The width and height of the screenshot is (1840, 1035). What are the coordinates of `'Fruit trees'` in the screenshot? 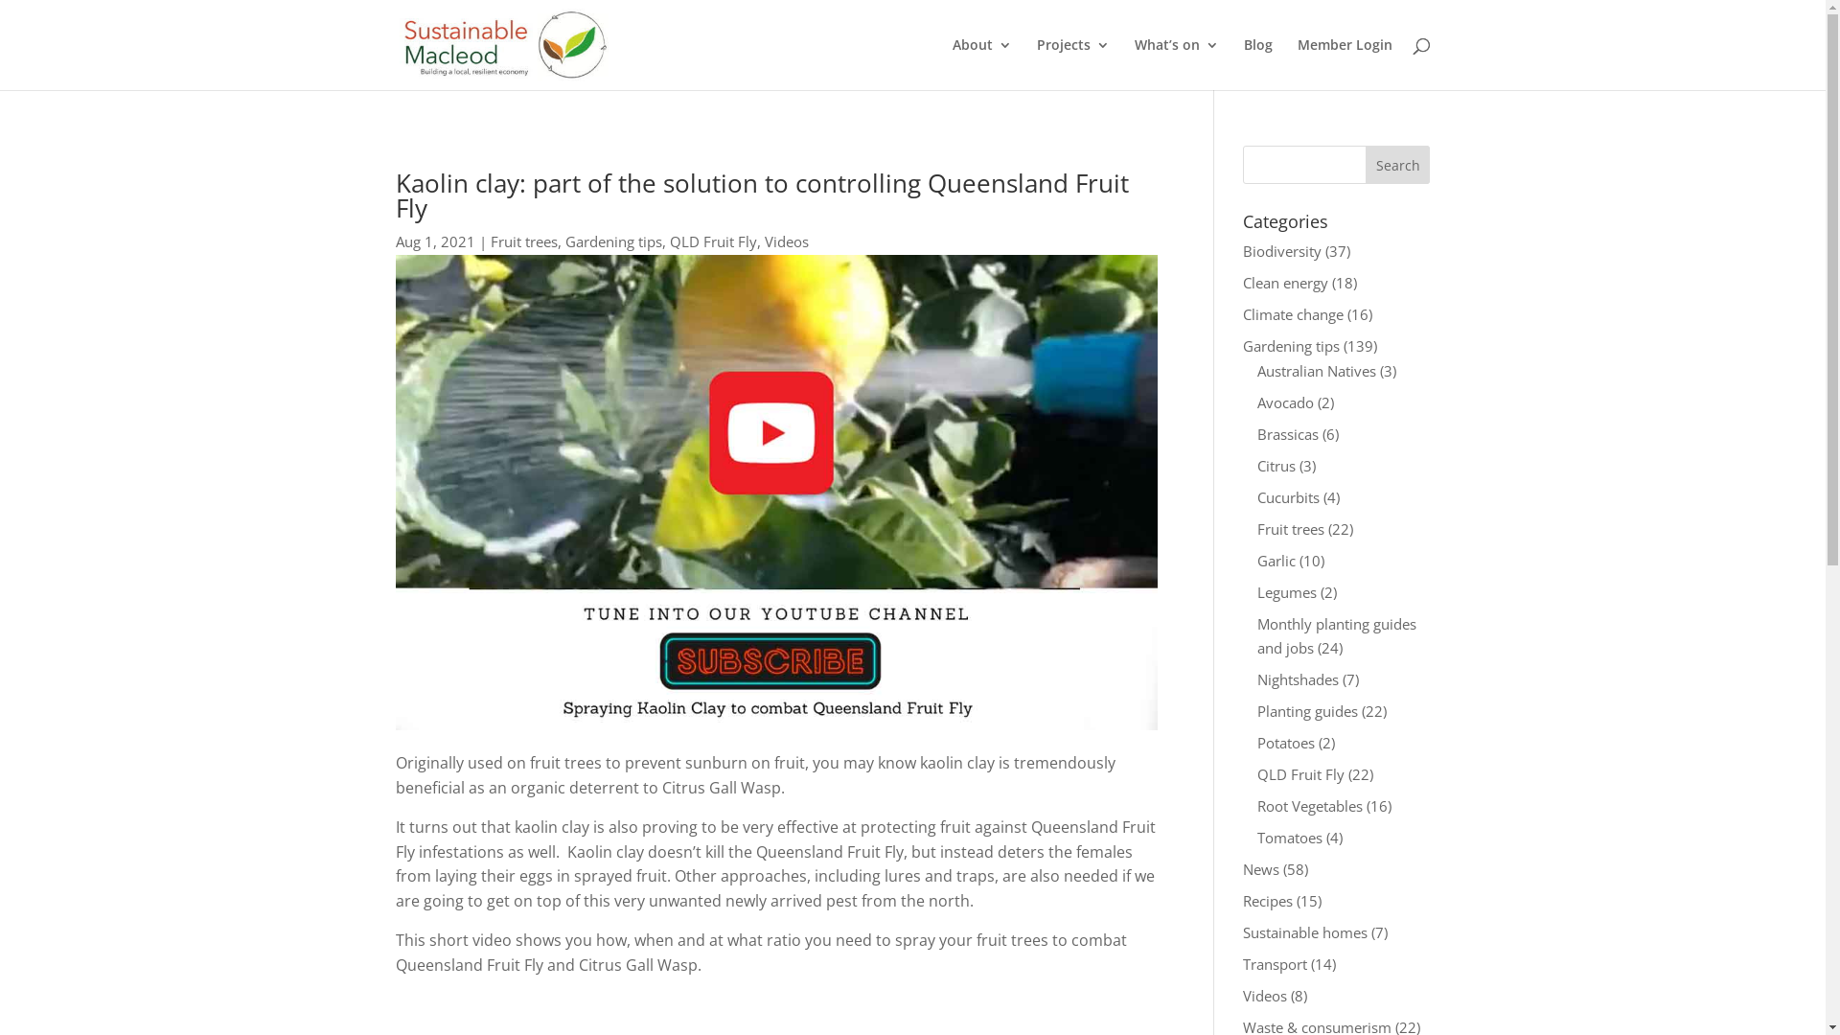 It's located at (524, 240).